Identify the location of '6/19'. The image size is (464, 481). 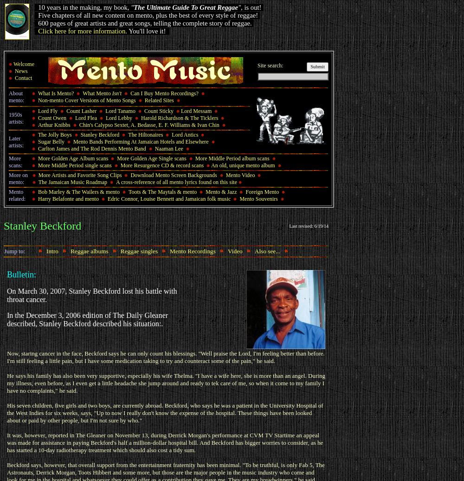
(318, 226).